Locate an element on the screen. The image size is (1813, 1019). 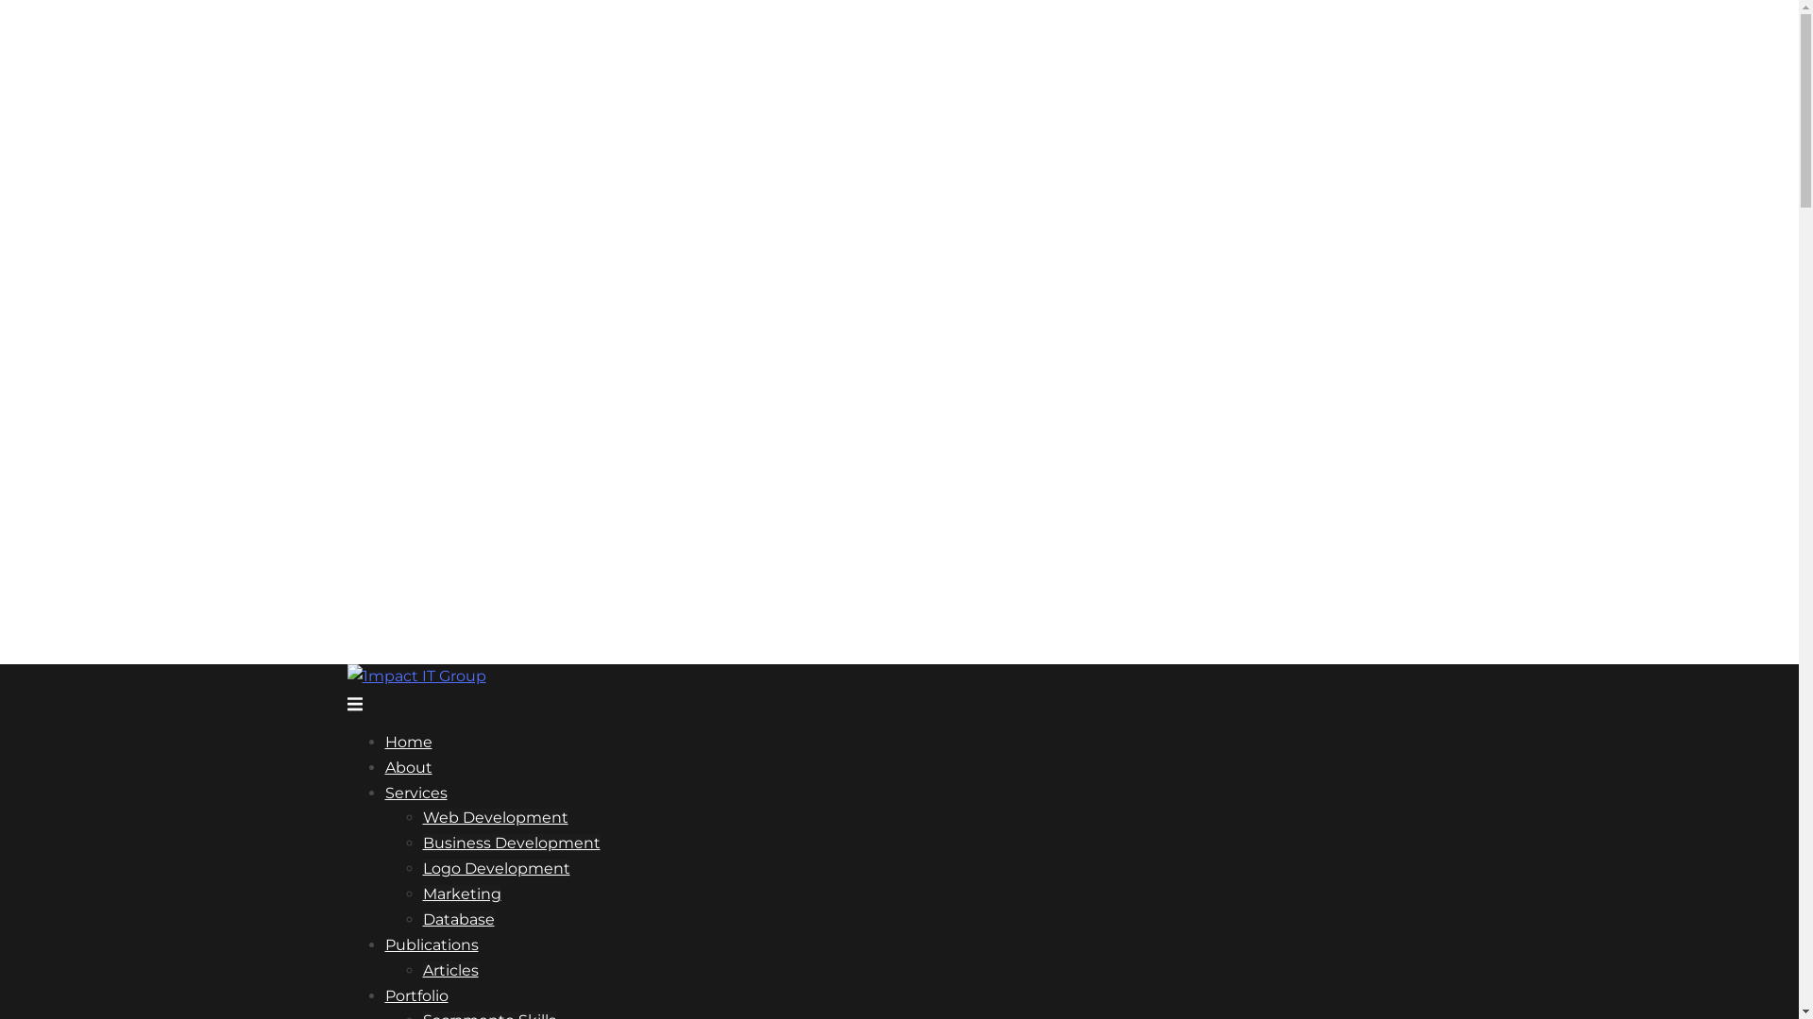
'Portfolio' is located at coordinates (415, 994).